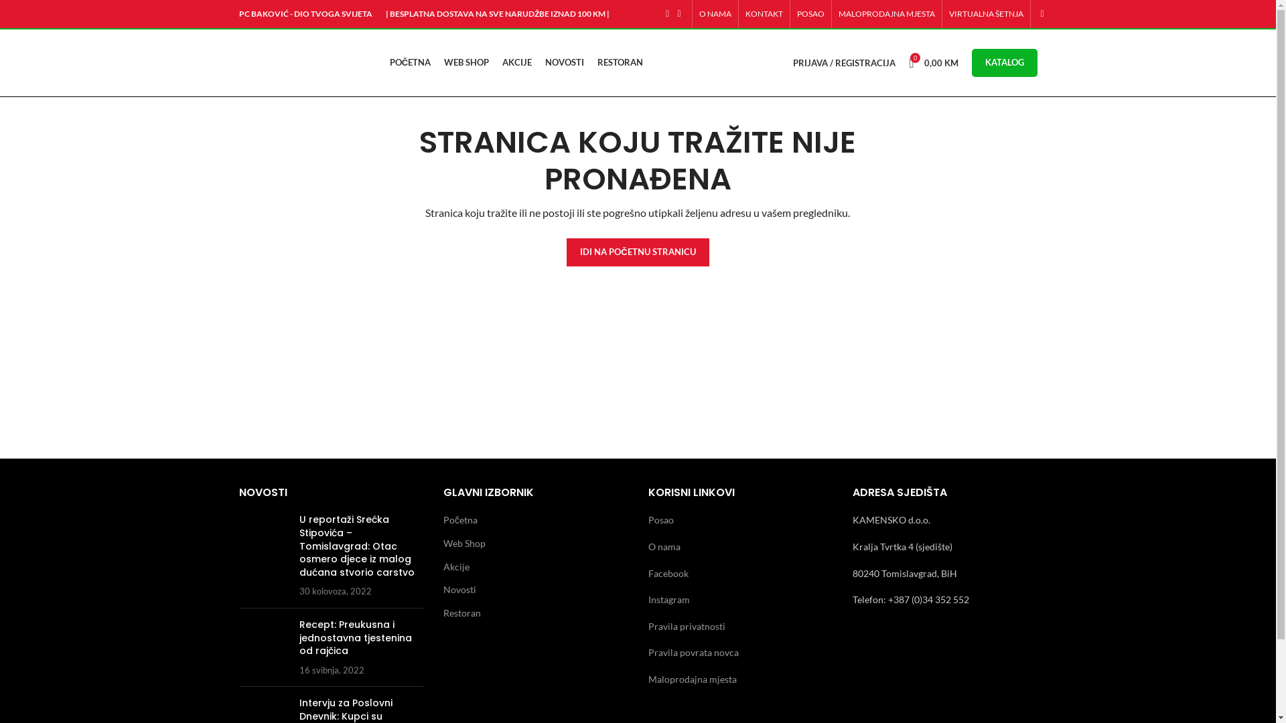 The width and height of the screenshot is (1286, 723). Describe the element at coordinates (620, 62) in the screenshot. I see `'RESTORAN'` at that location.